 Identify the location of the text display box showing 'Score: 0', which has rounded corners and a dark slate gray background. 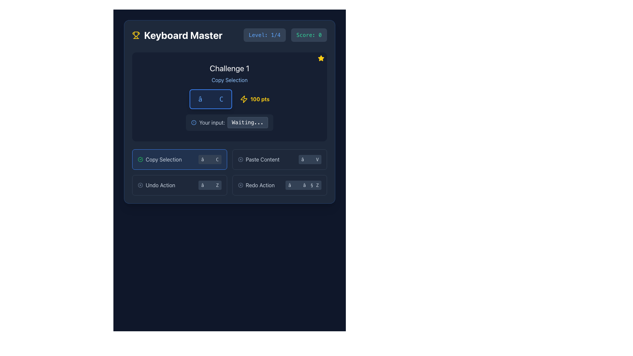
(309, 35).